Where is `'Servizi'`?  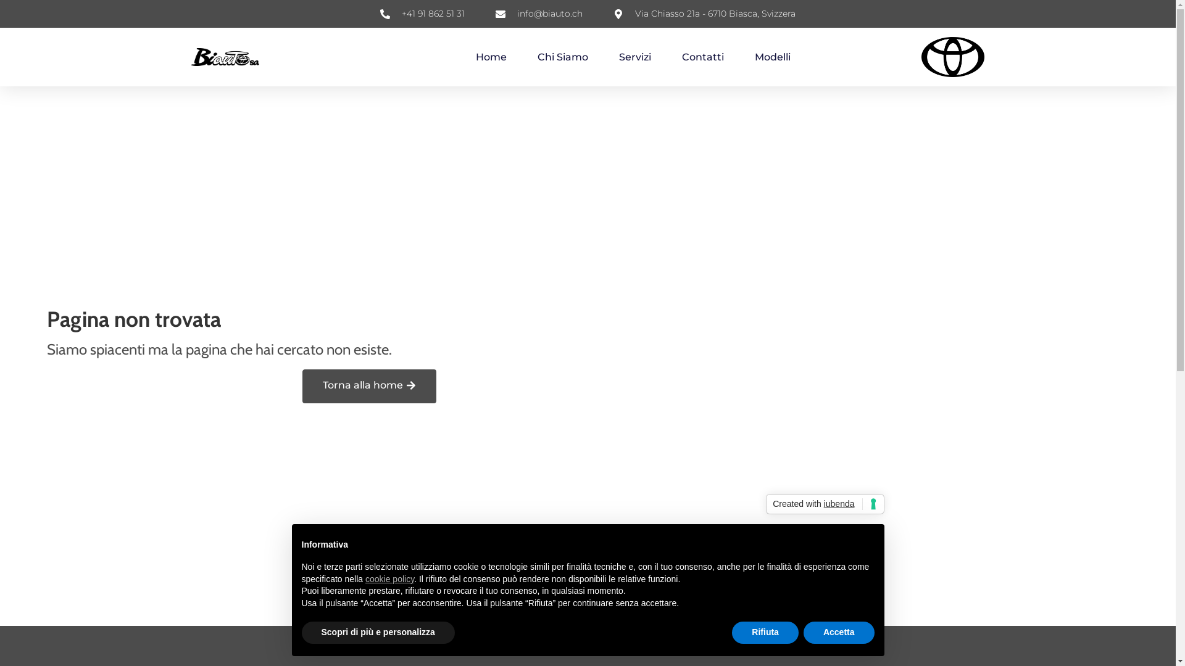
'Servizi' is located at coordinates (619, 57).